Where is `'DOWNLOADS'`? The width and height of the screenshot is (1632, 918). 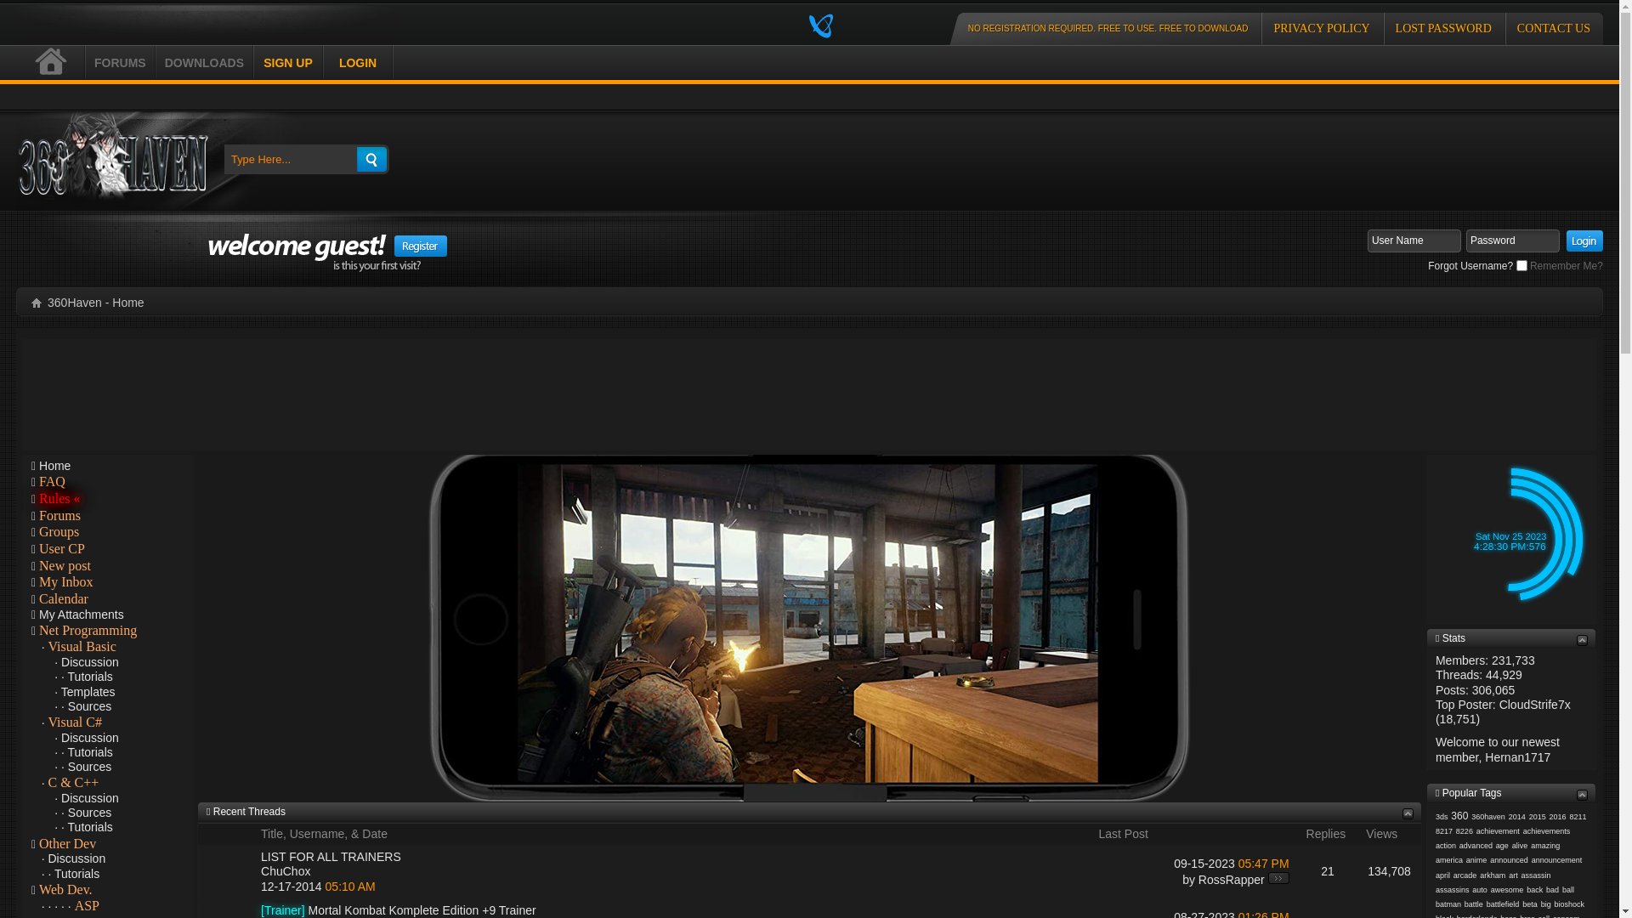 'DOWNLOADS' is located at coordinates (204, 61).